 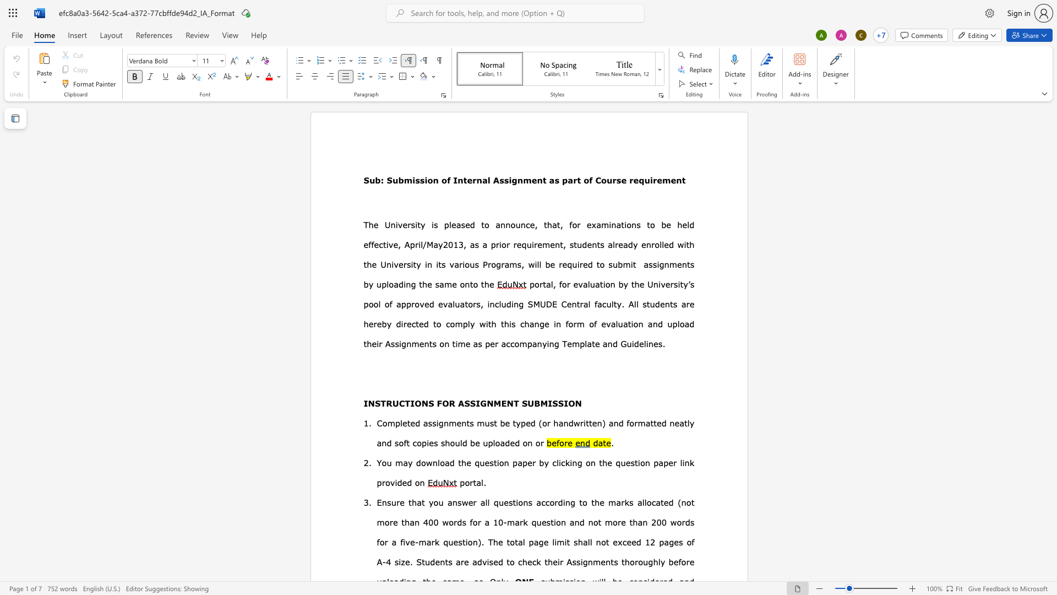 What do you see at coordinates (607, 343) in the screenshot?
I see `the space between the continuous character "a" and "n" in the text` at bounding box center [607, 343].